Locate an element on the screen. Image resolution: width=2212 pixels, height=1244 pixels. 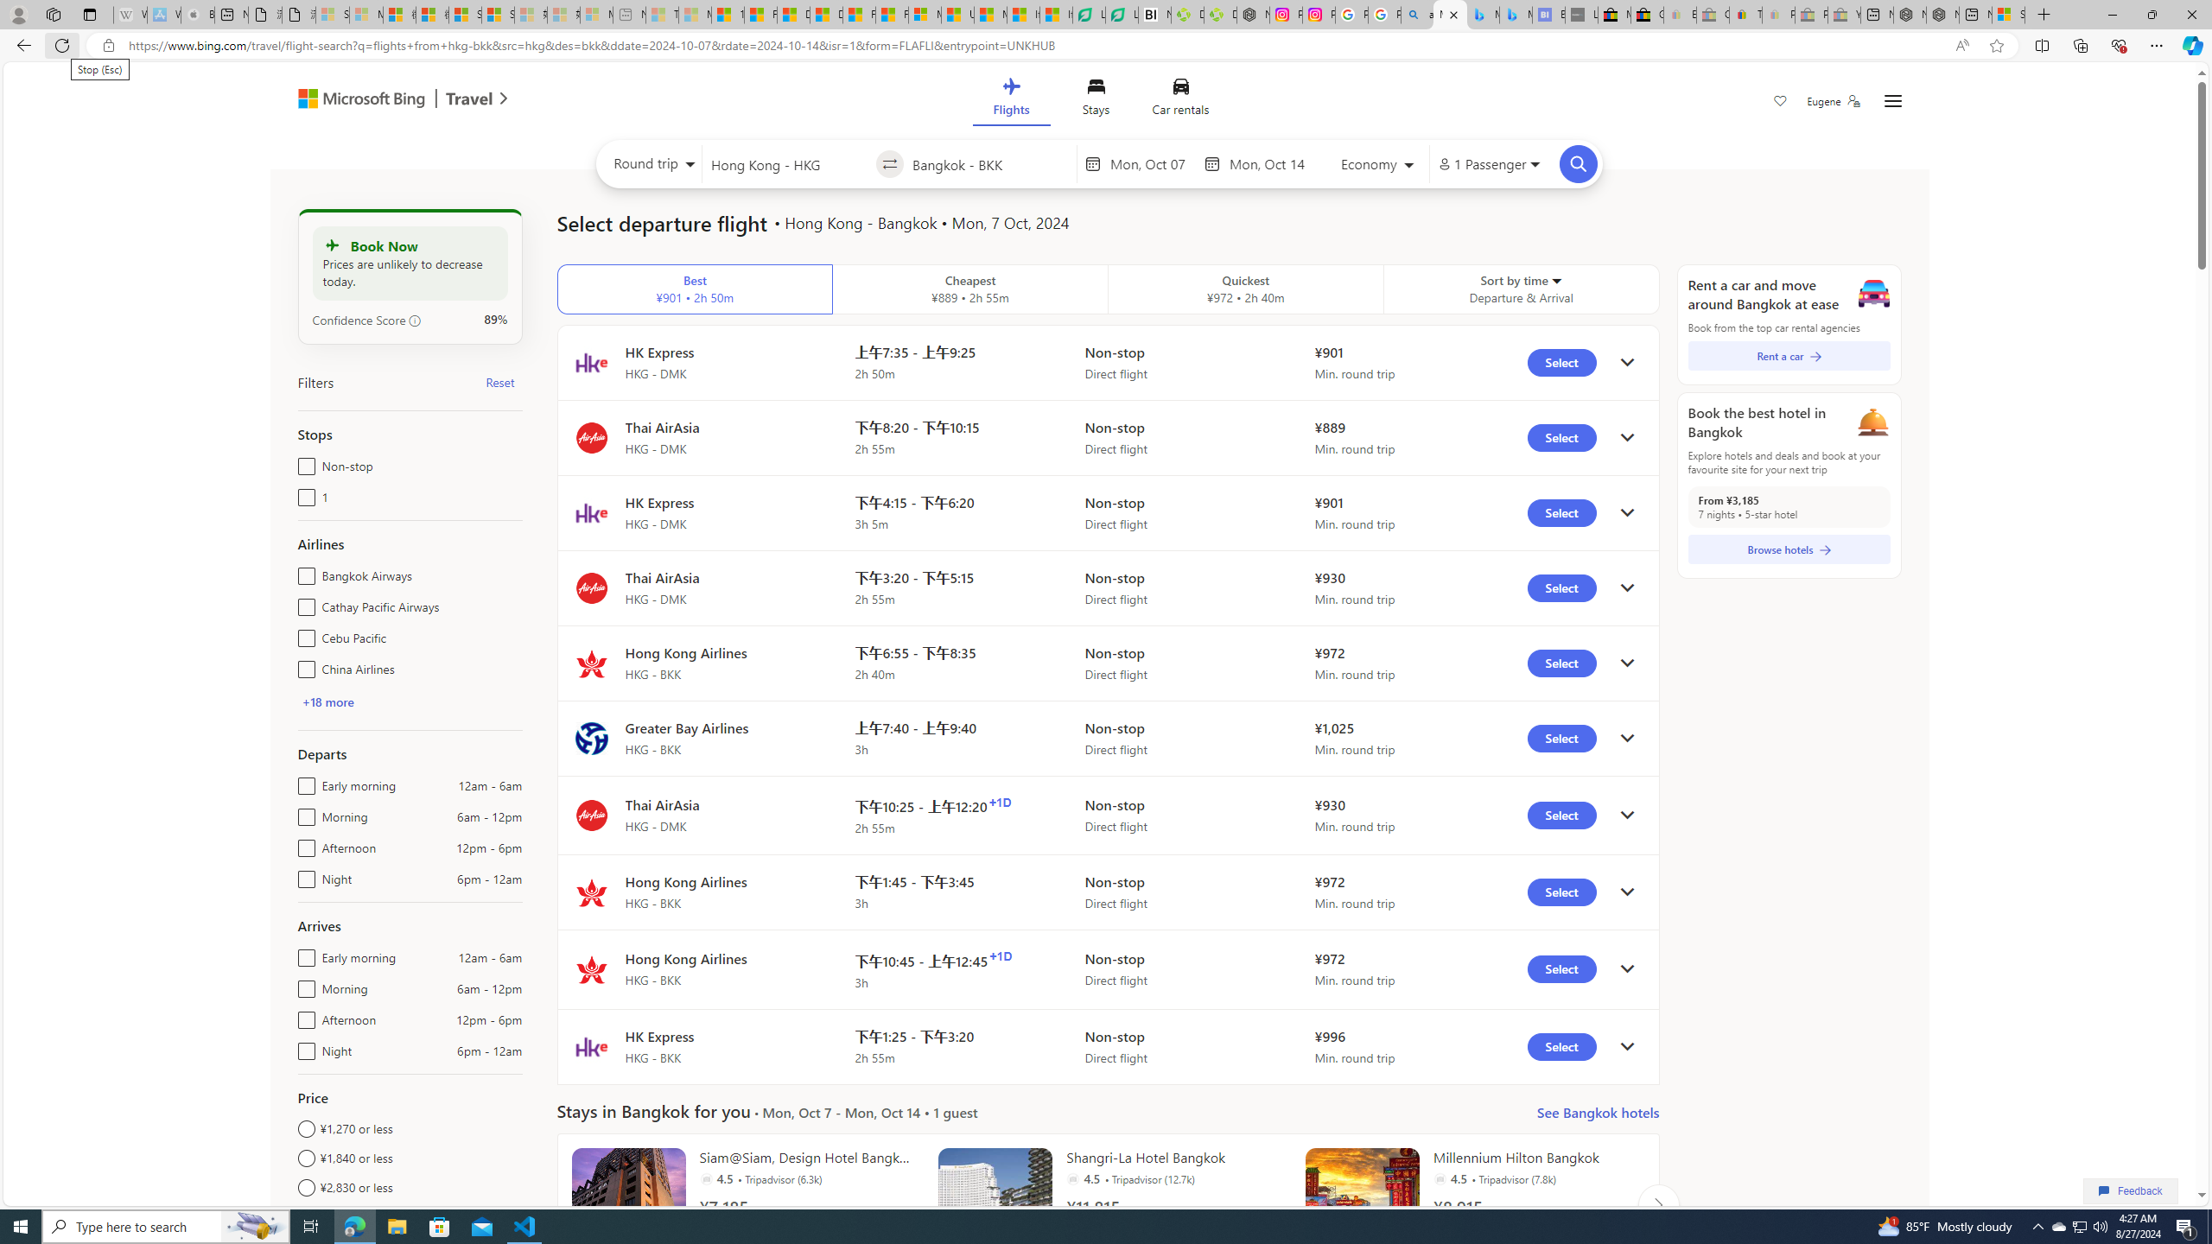
'Yard, Garden & Outdoor Living - Sleeping' is located at coordinates (1845, 14).